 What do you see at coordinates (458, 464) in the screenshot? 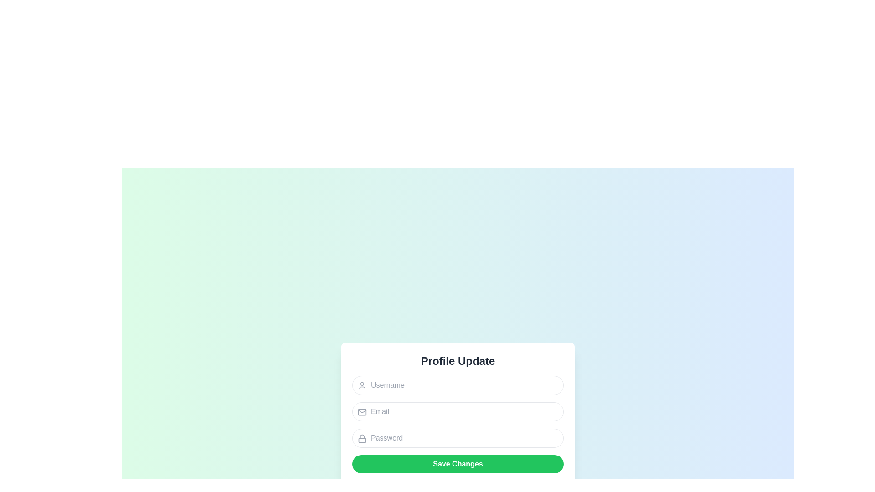
I see `the rounded green button labeled 'Save Changes' to observe its hover effect` at bounding box center [458, 464].